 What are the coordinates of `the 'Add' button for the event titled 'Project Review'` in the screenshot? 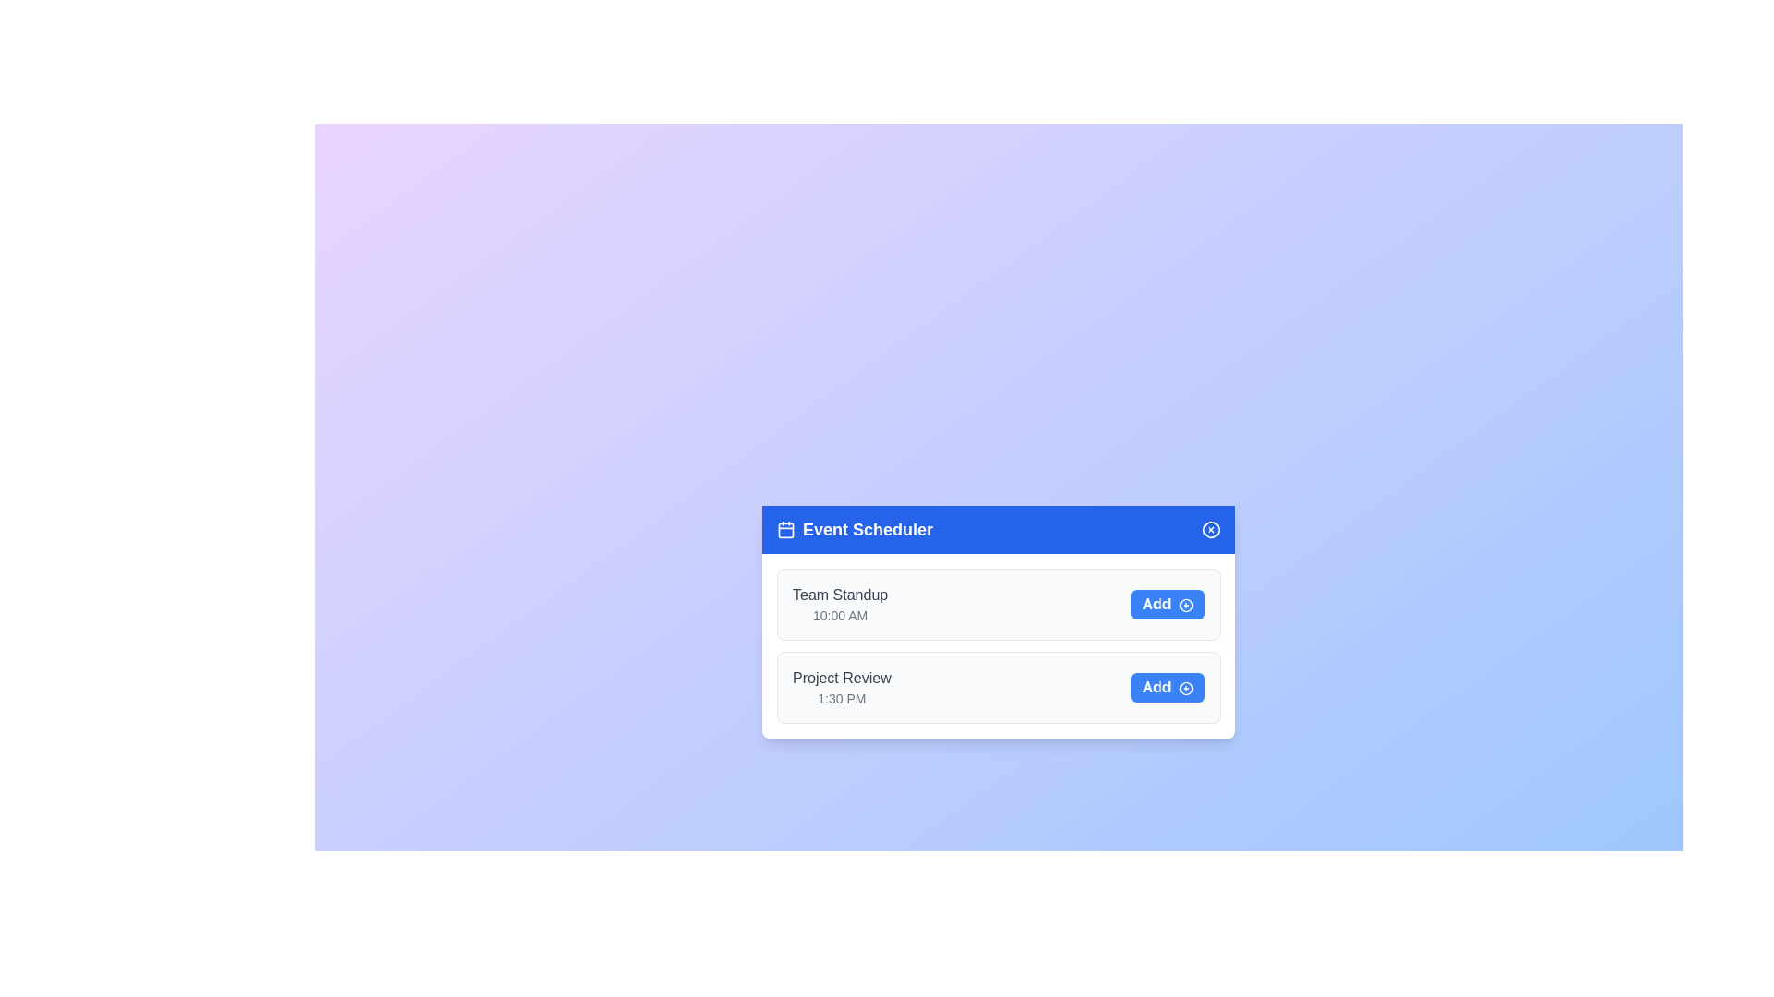 It's located at (1166, 687).